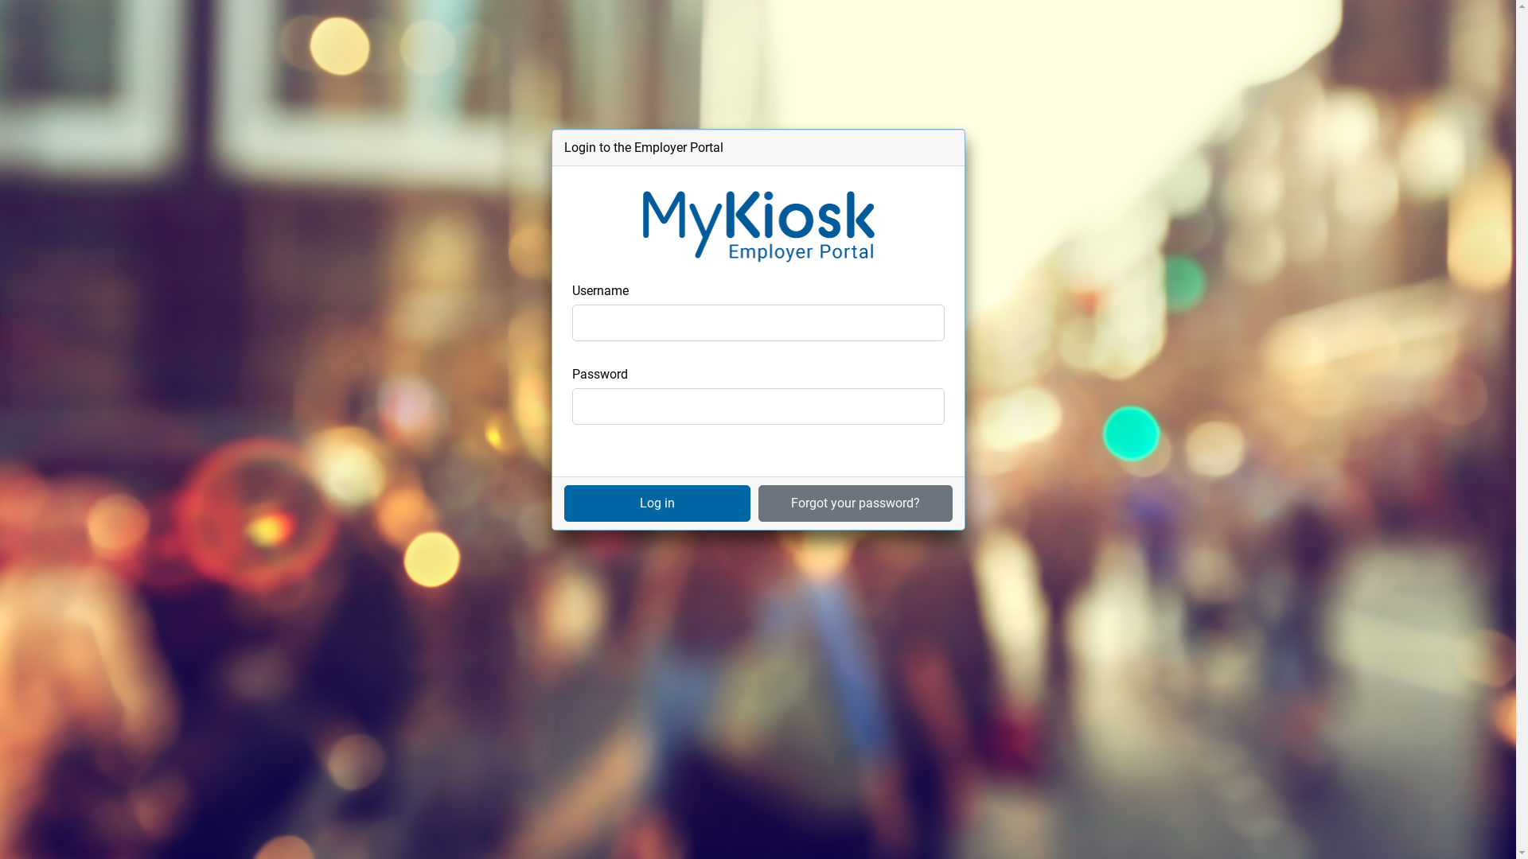  Describe the element at coordinates (854, 503) in the screenshot. I see `'Forgot your password?'` at that location.